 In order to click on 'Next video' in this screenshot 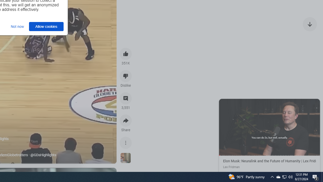, I will do `click(310, 24)`.